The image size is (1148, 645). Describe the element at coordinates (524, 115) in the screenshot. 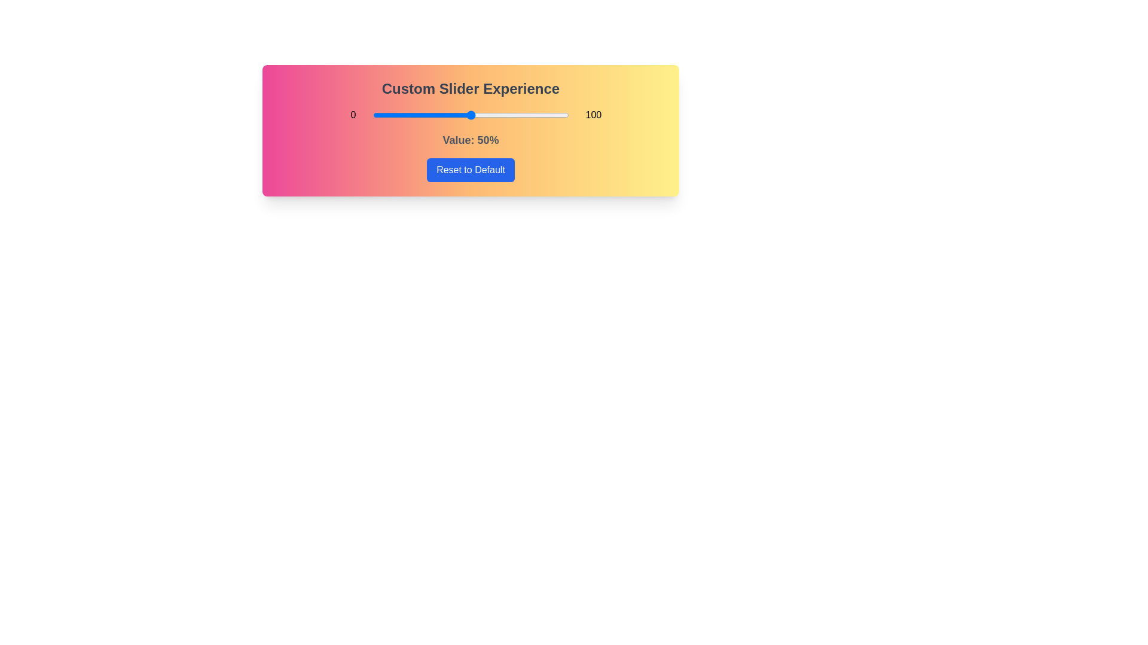

I see `the slider to 77% to explore the gradient background` at that location.